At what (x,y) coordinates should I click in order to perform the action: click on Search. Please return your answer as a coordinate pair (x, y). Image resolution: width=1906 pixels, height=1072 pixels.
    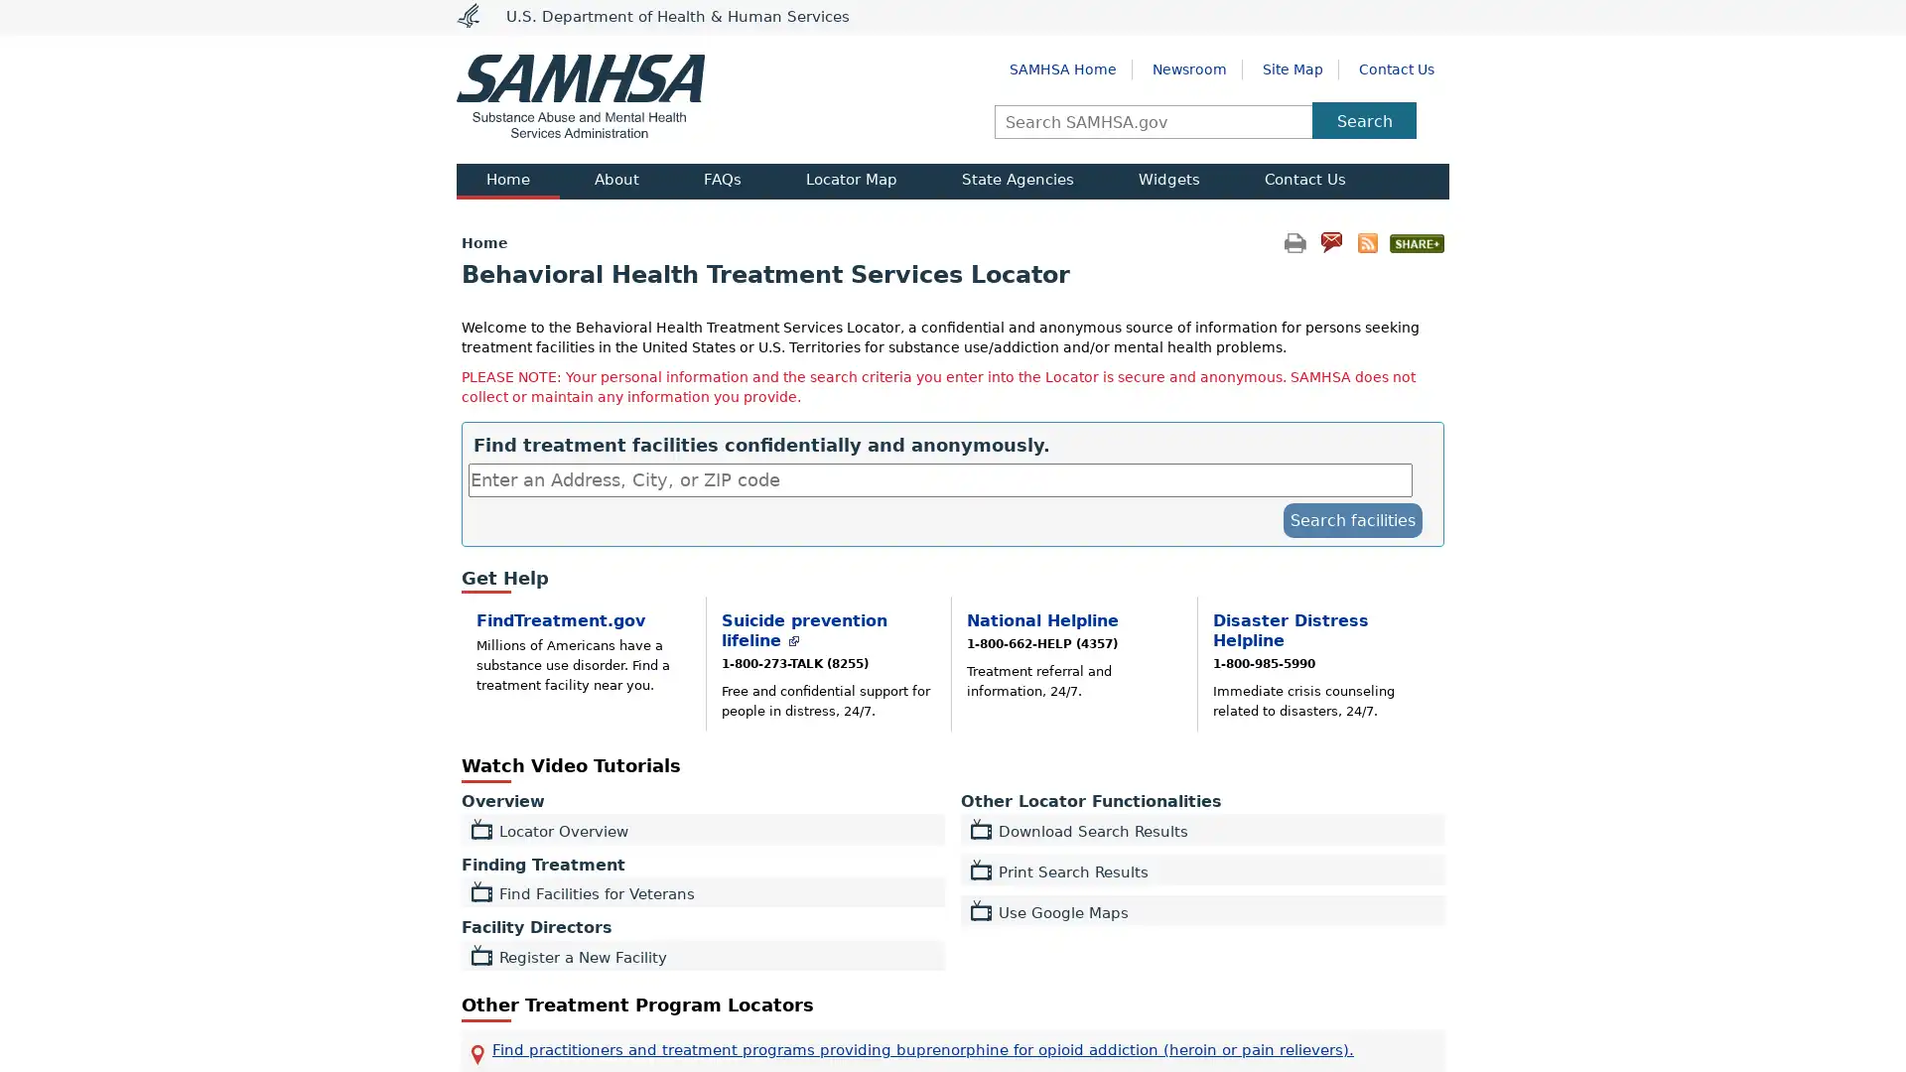
    Looking at the image, I should click on (1363, 120).